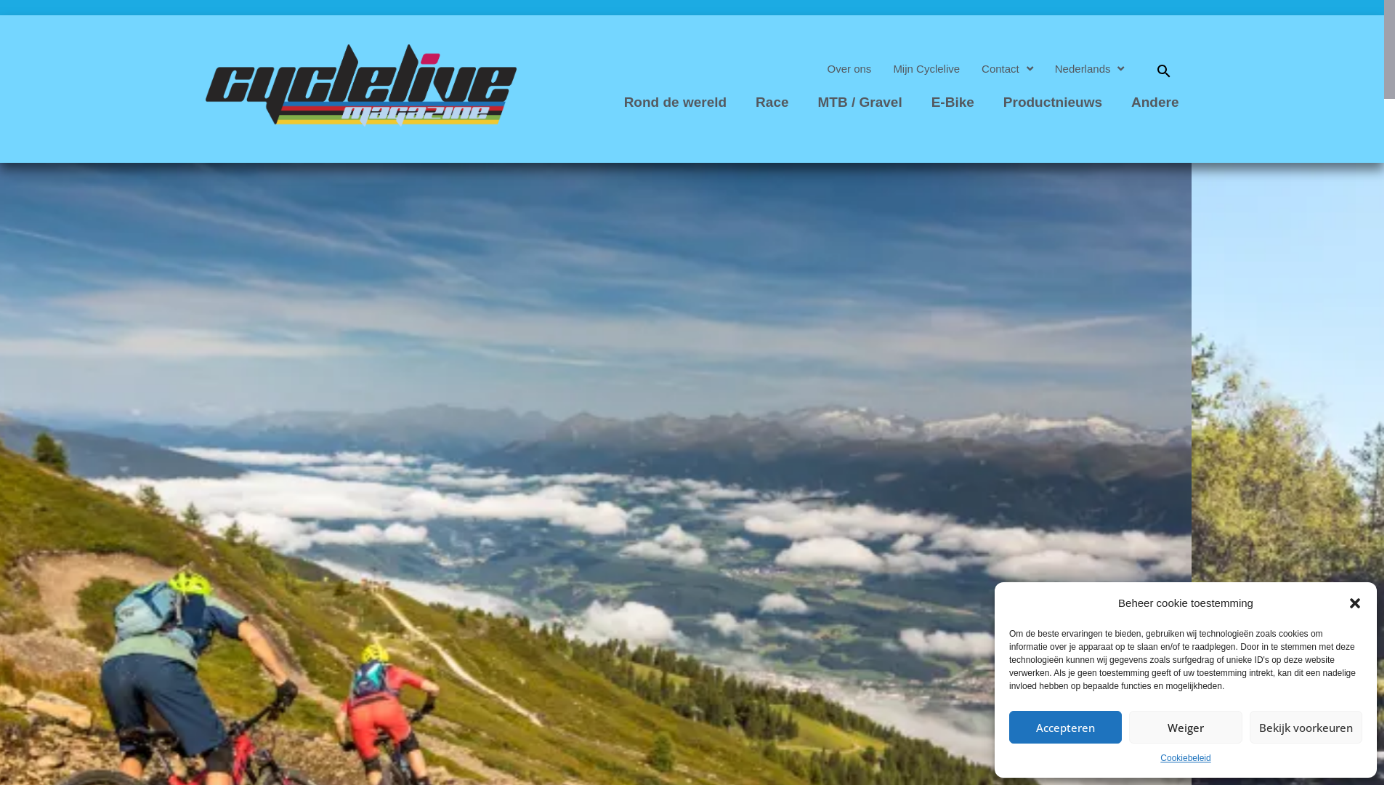  What do you see at coordinates (1089, 69) in the screenshot?
I see `'Nederlands'` at bounding box center [1089, 69].